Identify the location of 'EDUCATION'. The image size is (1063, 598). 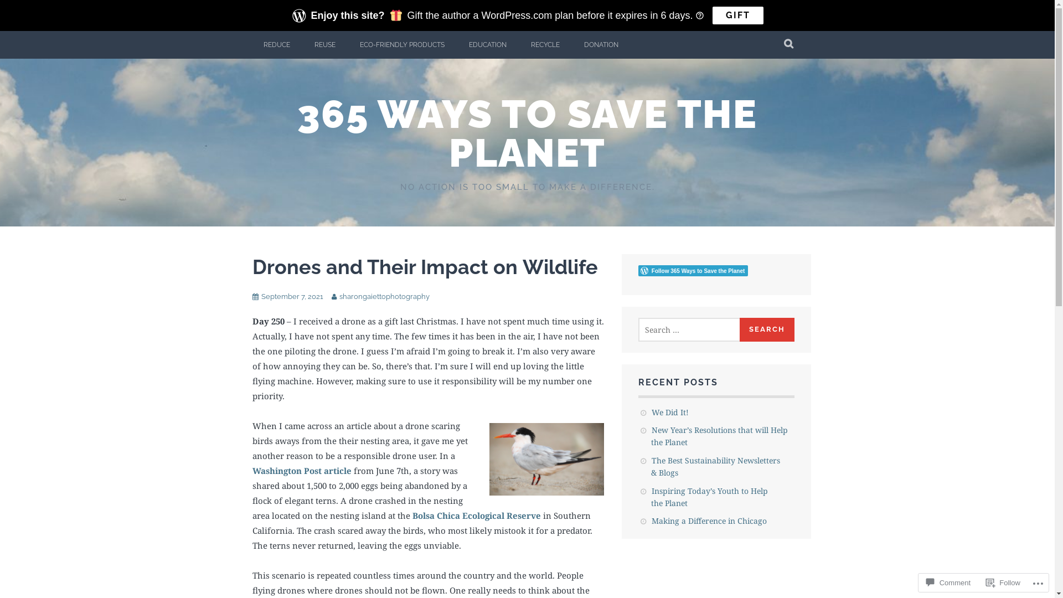
(487, 44).